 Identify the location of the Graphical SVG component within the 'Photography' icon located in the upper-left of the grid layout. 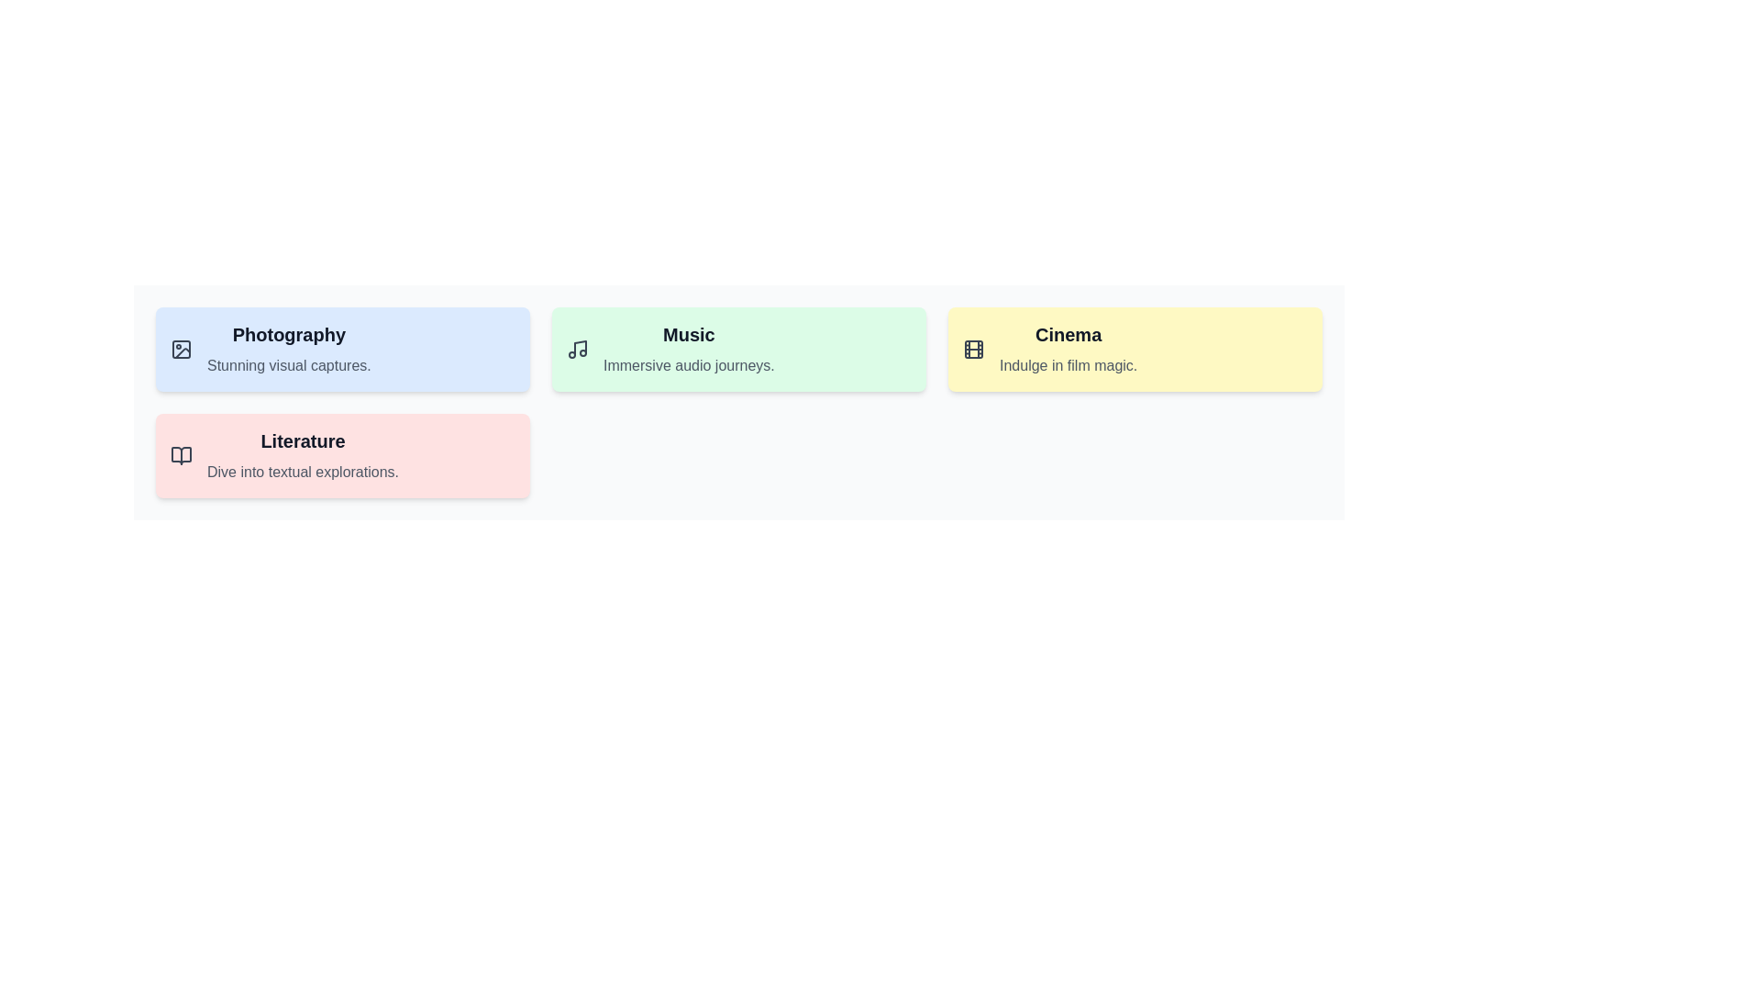
(183, 353).